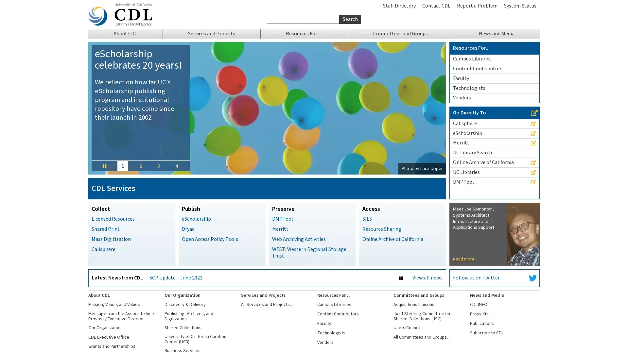 Image resolution: width=628 pixels, height=353 pixels. What do you see at coordinates (400, 278) in the screenshot?
I see `pause newsreel` at bounding box center [400, 278].